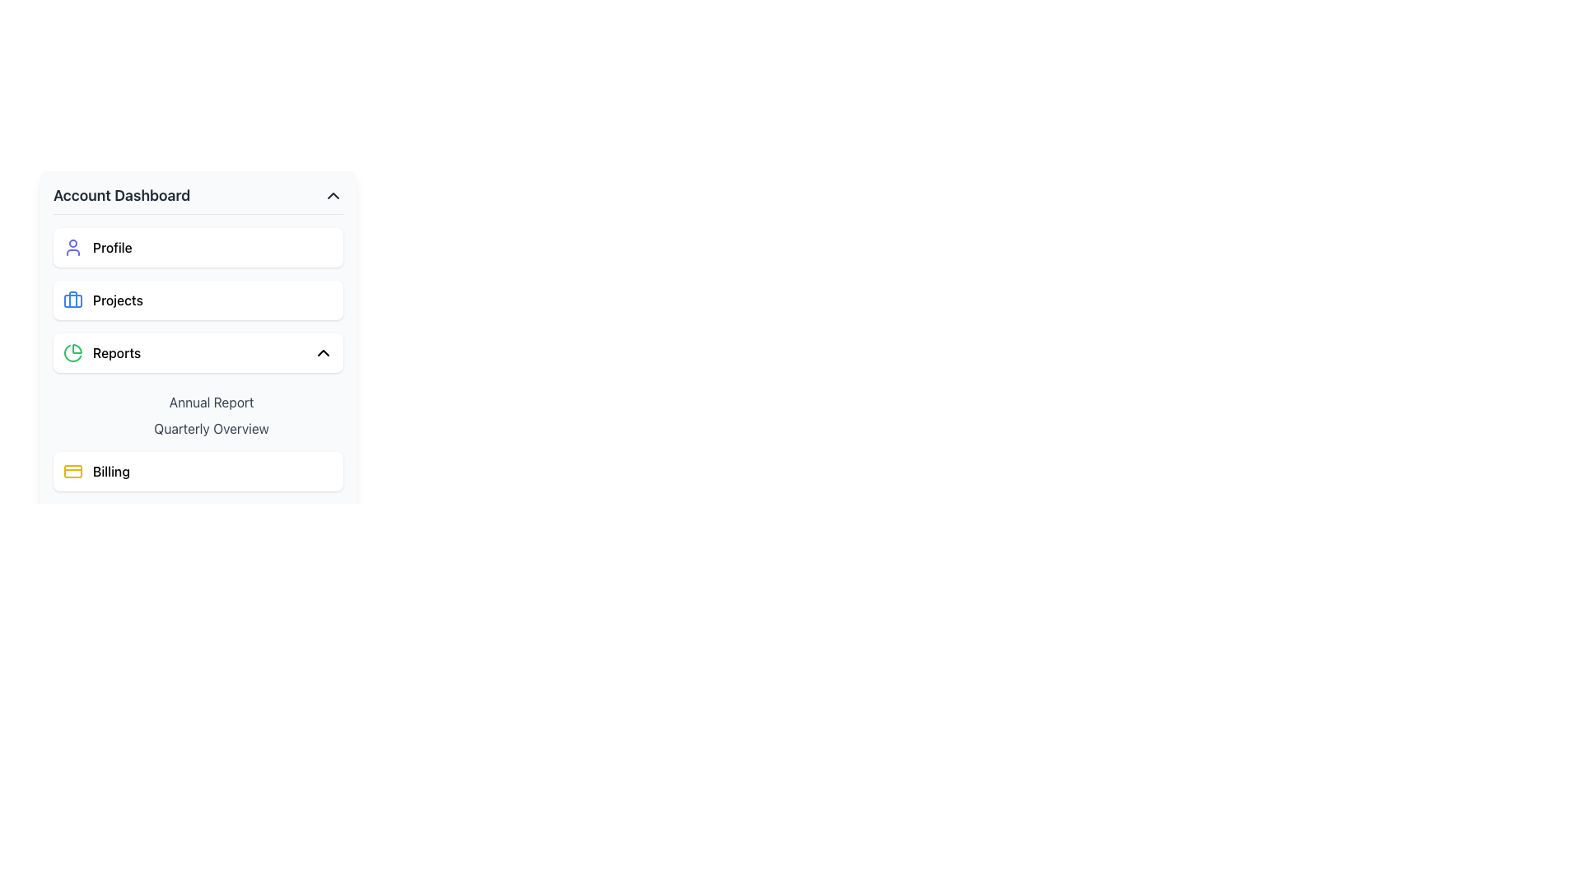  What do you see at coordinates (211, 427) in the screenshot?
I see `the 'Quarterly Overview' text link located in the Reports section of the vertical navigation layout` at bounding box center [211, 427].